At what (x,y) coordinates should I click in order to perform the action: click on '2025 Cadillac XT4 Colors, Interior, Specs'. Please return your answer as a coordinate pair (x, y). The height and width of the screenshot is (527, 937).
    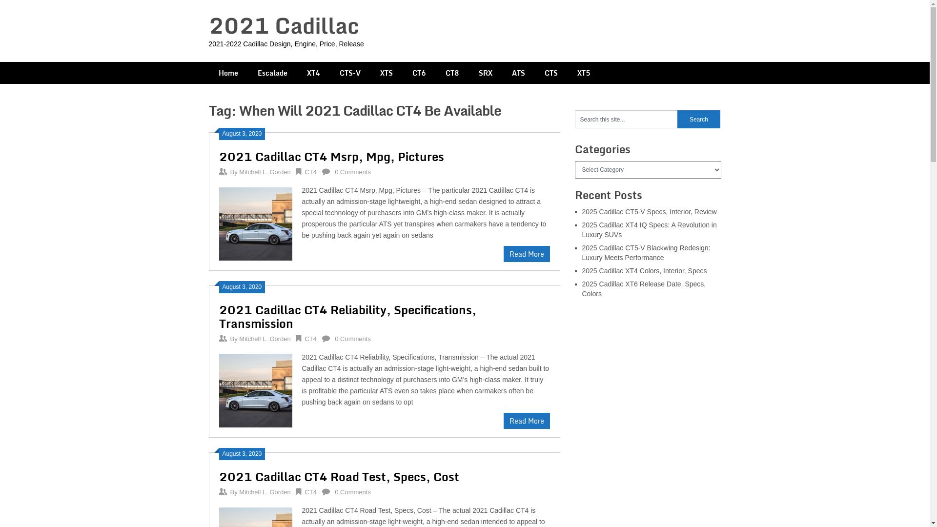
    Looking at the image, I should click on (644, 271).